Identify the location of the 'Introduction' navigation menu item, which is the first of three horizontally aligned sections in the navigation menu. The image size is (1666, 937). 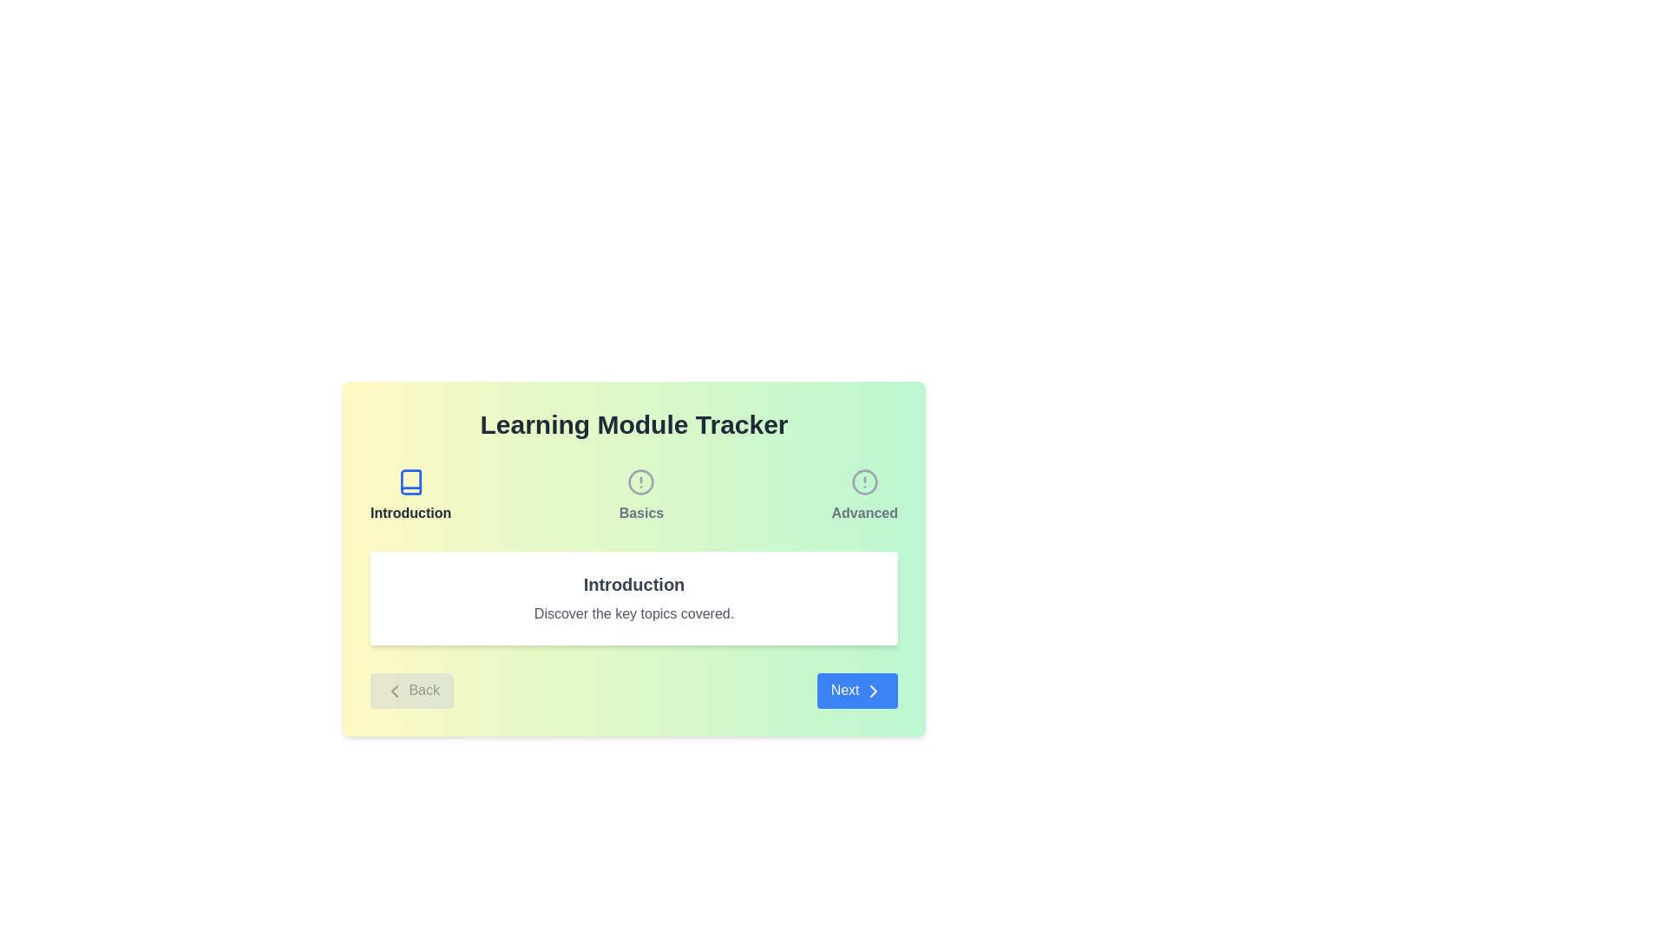
(410, 495).